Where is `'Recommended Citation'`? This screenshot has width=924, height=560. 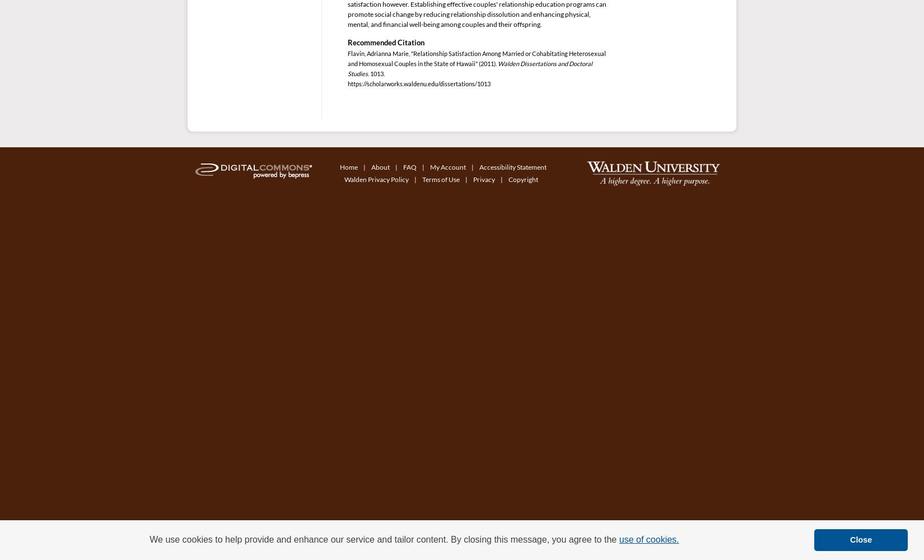
'Recommended Citation' is located at coordinates (385, 42).